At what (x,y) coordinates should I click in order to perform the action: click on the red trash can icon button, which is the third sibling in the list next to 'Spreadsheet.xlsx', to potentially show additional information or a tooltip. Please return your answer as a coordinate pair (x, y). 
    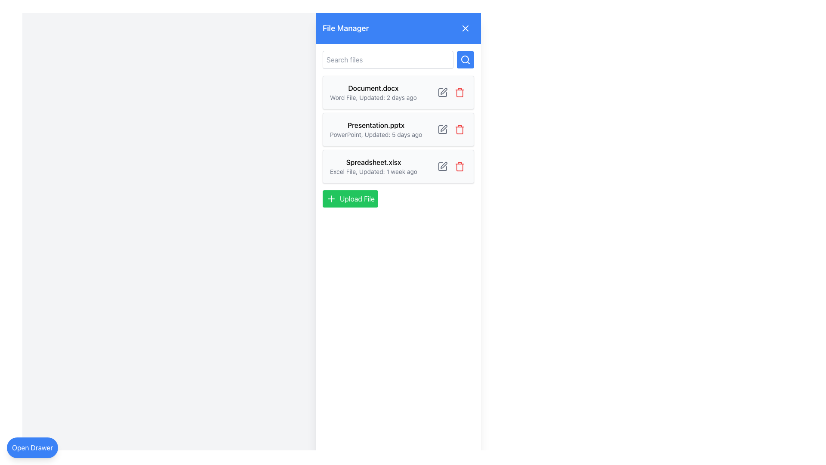
    Looking at the image, I should click on (459, 93).